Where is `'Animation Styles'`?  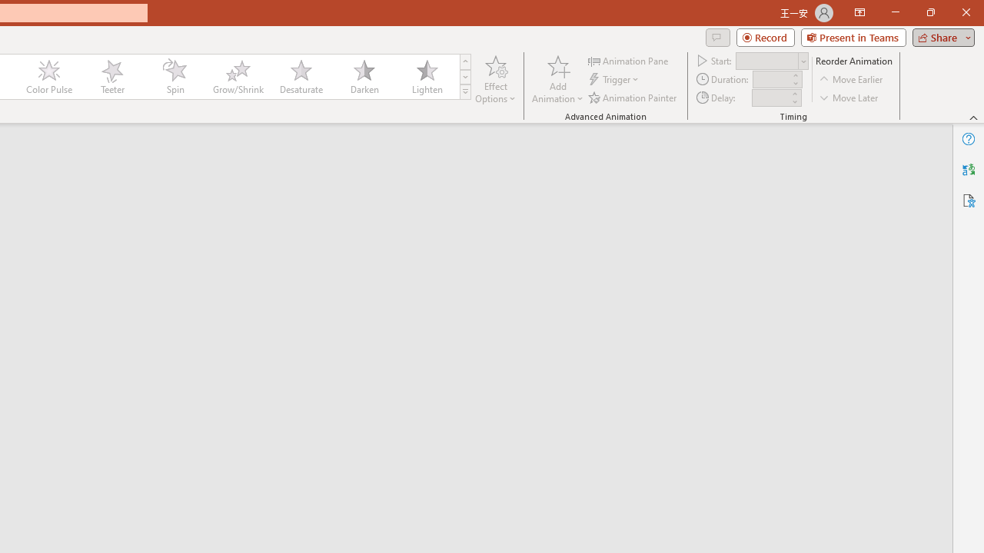
'Animation Styles' is located at coordinates (464, 92).